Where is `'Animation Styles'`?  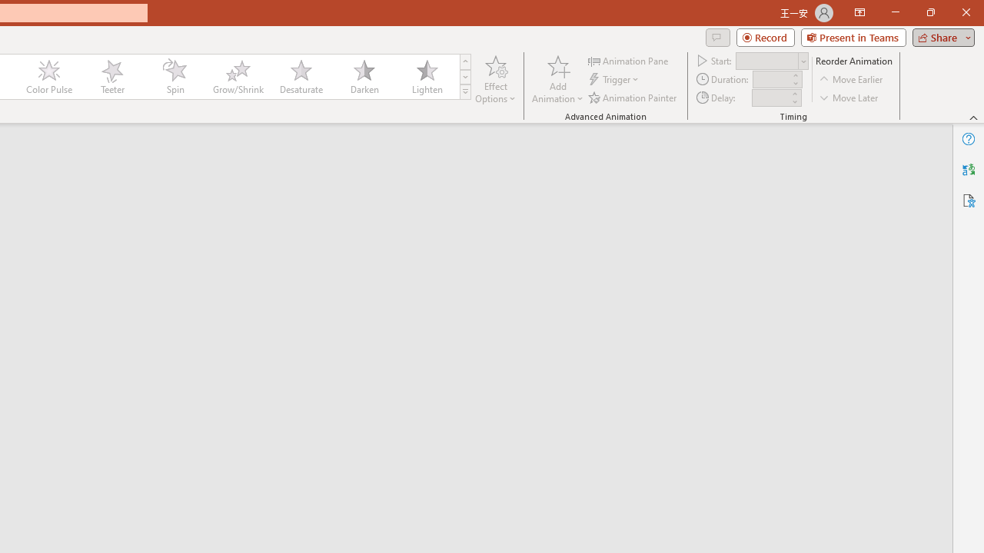
'Animation Styles' is located at coordinates (464, 92).